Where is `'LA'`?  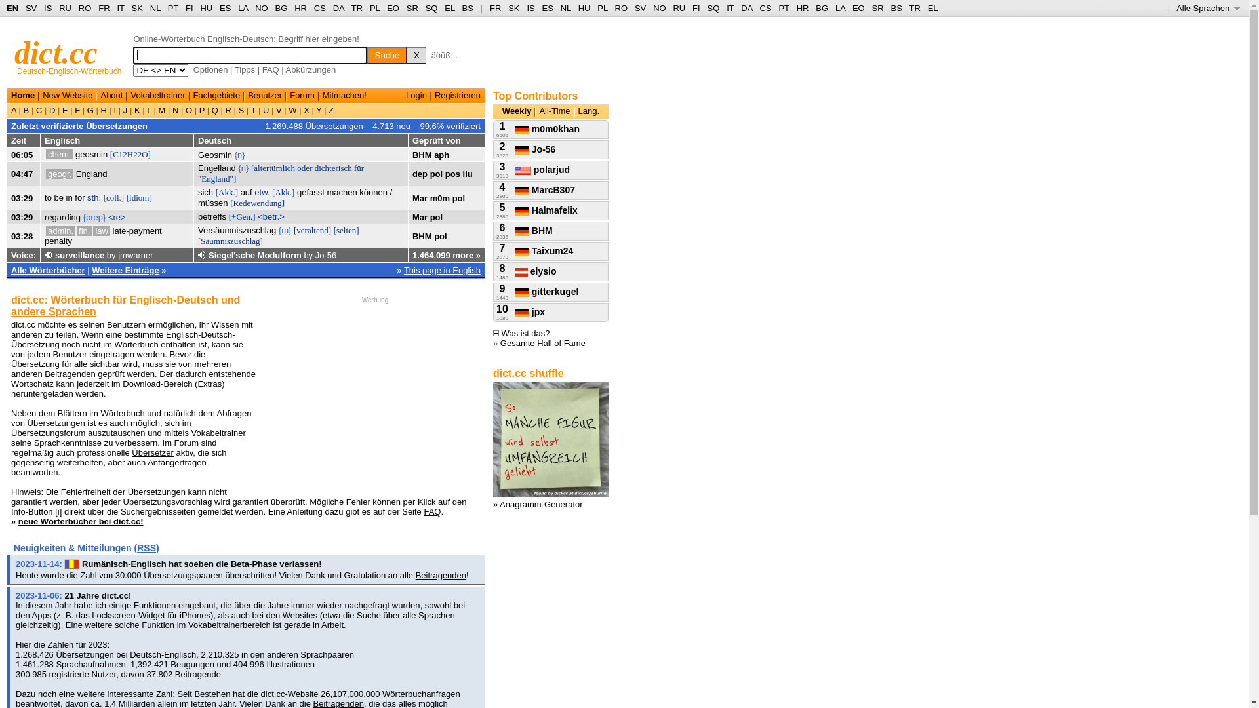
'LA' is located at coordinates (238, 8).